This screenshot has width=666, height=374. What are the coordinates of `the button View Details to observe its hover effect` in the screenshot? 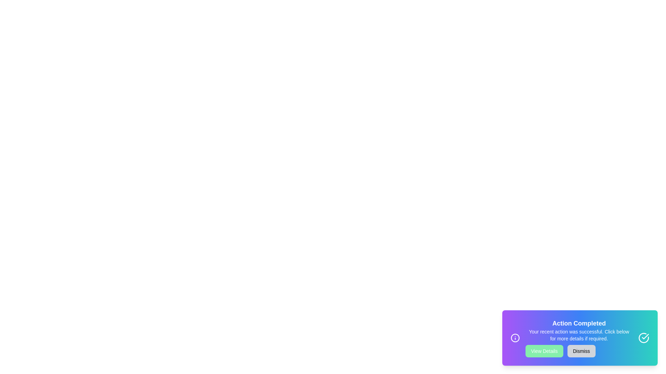 It's located at (544, 351).